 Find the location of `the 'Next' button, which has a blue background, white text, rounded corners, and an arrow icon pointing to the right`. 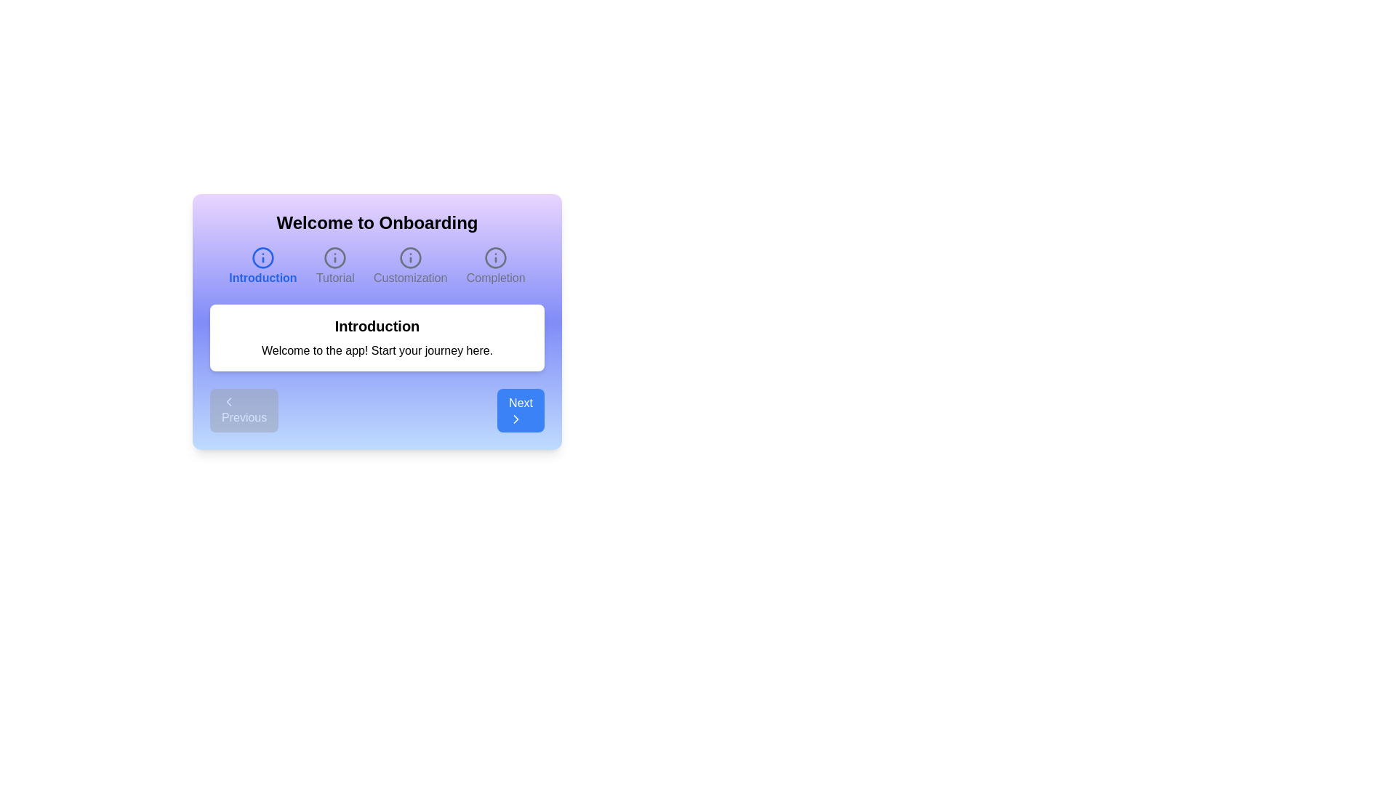

the 'Next' button, which has a blue background, white text, rounded corners, and an arrow icon pointing to the right is located at coordinates (521, 410).